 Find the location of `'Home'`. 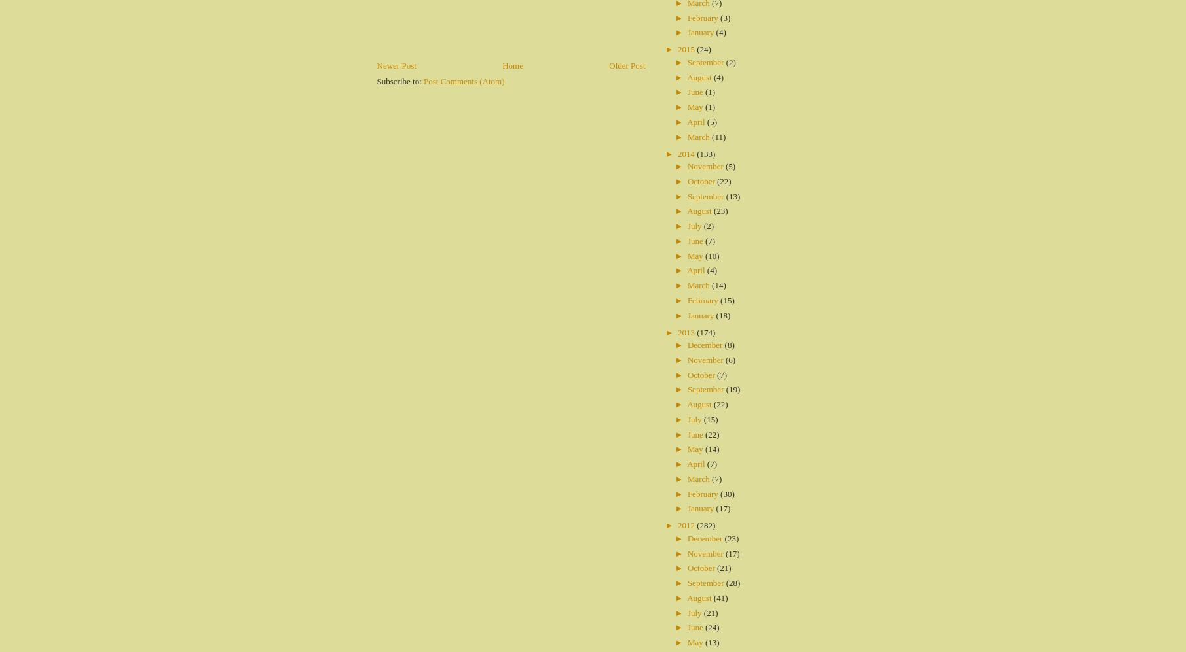

'Home' is located at coordinates (511, 65).